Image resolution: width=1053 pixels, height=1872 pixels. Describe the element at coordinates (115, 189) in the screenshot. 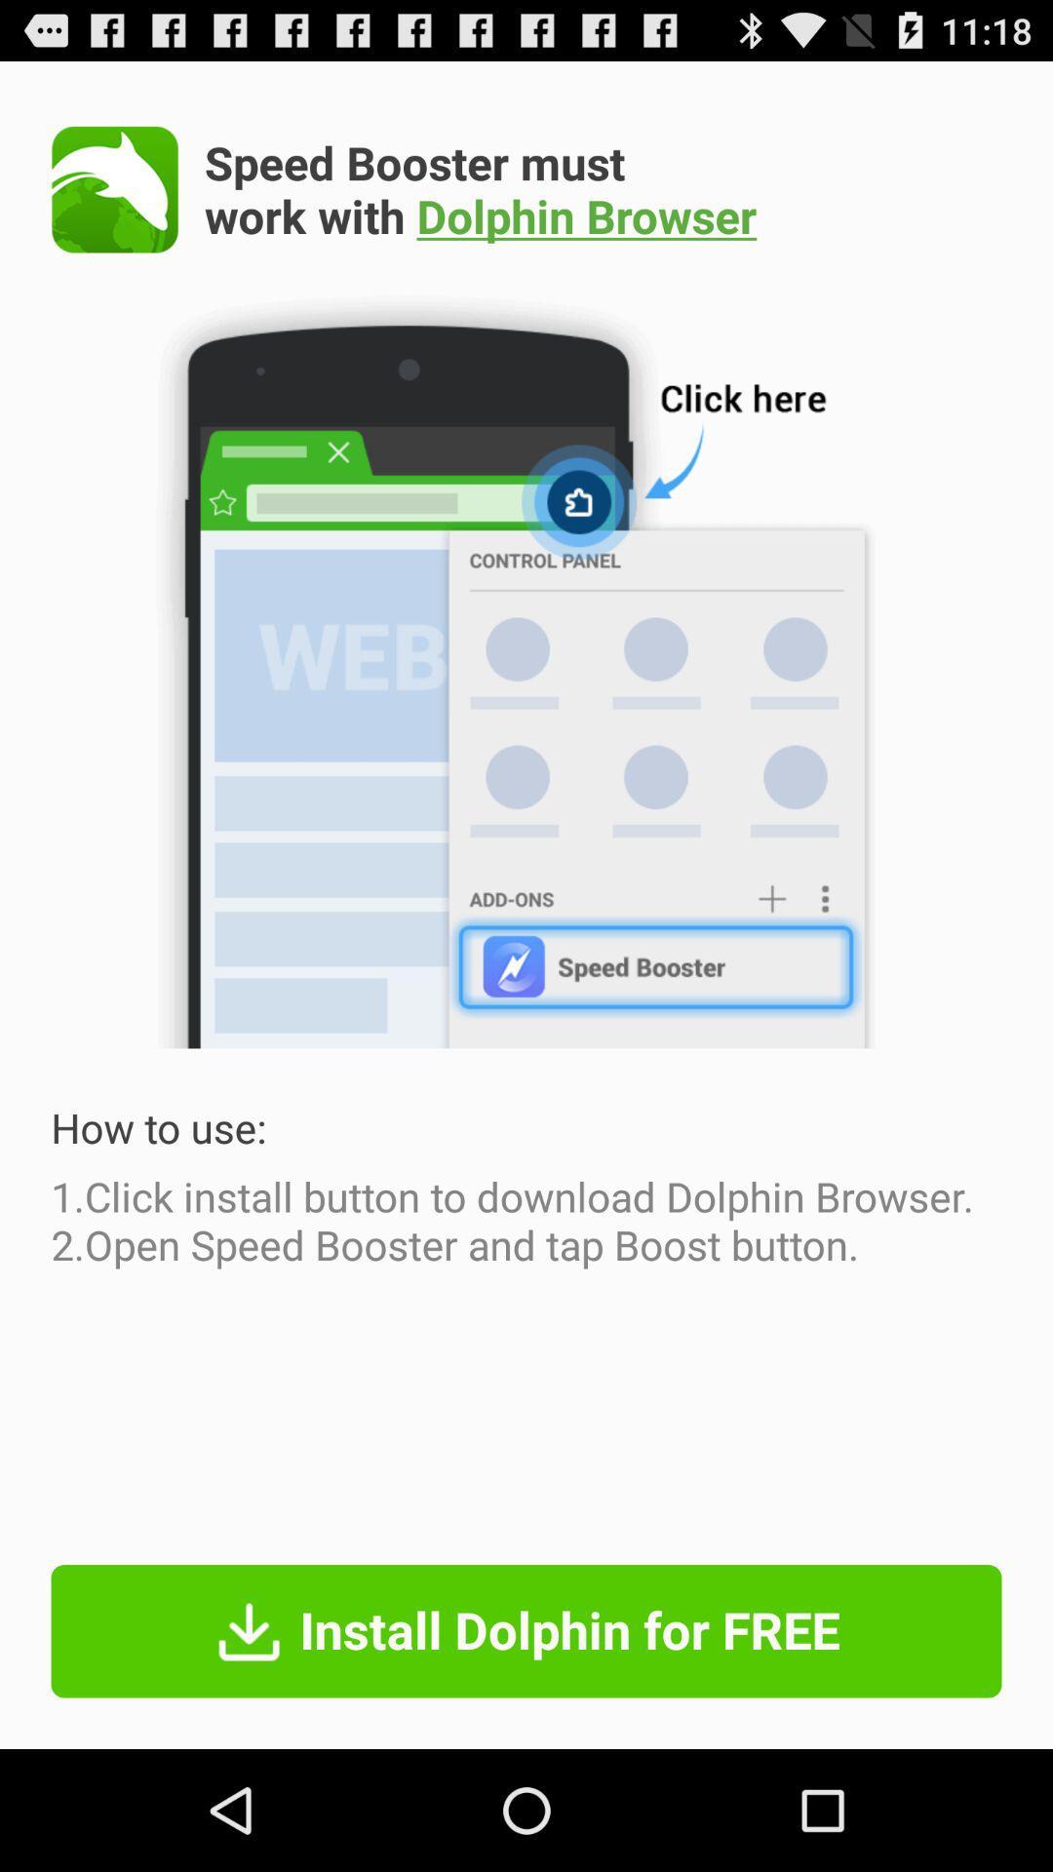

I see `see the app` at that location.